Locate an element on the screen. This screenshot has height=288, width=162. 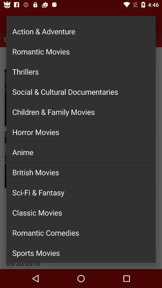
sci-fi & fantasy icon is located at coordinates (81, 192).